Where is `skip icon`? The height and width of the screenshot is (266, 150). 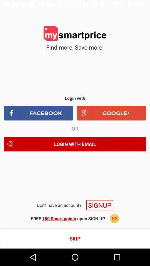
skip icon is located at coordinates (75, 238).